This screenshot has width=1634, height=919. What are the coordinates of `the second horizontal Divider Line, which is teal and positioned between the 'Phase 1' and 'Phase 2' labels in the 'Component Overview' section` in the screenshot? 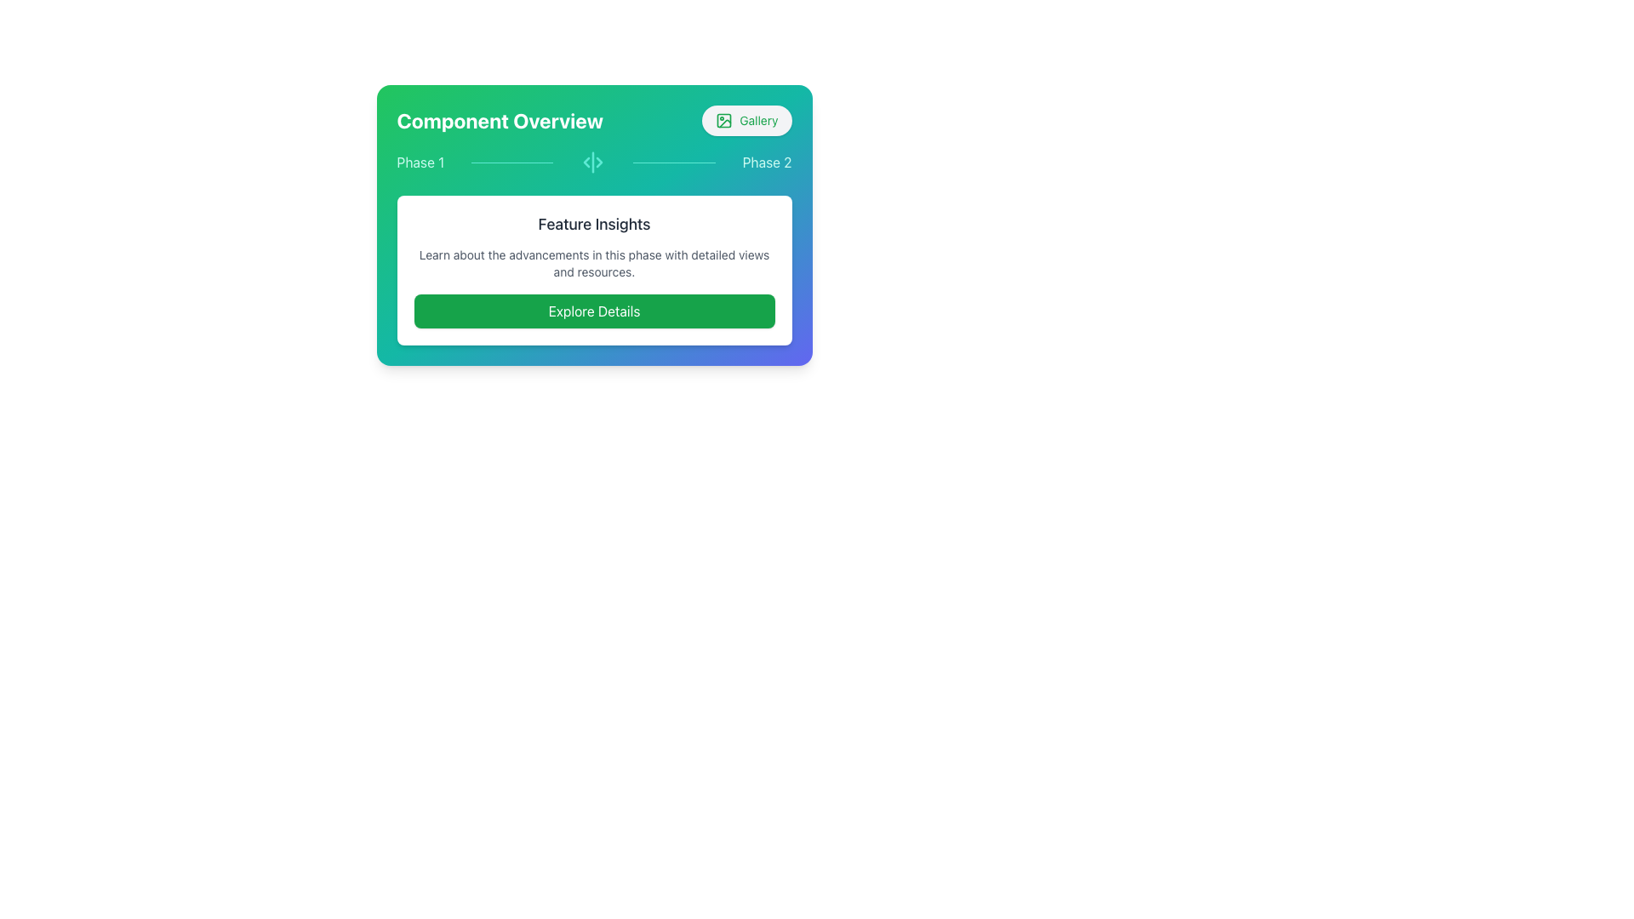 It's located at (673, 163).